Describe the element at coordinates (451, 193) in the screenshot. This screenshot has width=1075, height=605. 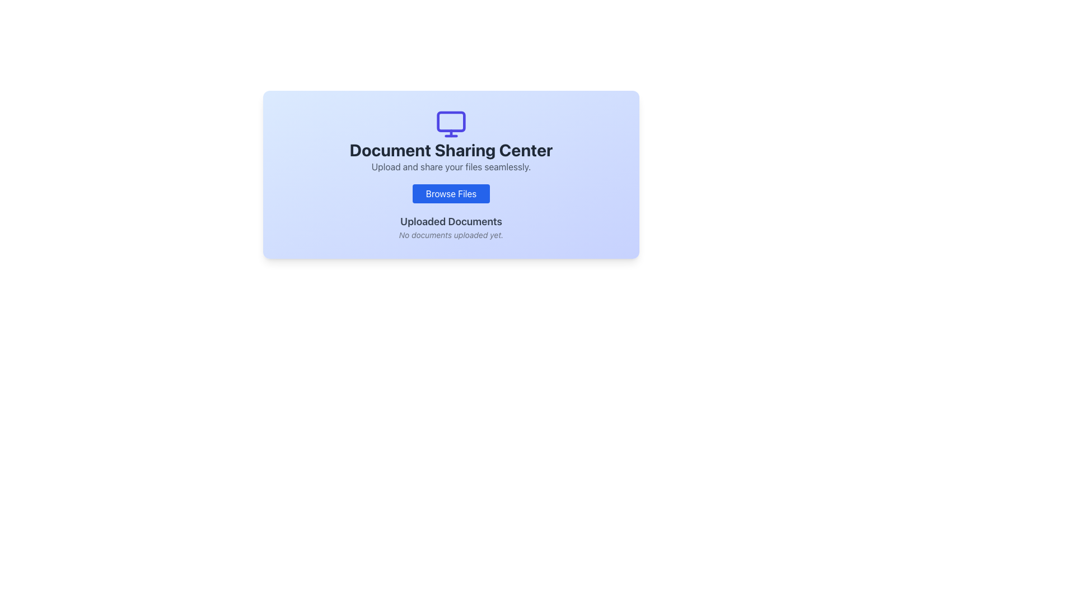
I see `the blue 'Browse Files' button with white text` at that location.